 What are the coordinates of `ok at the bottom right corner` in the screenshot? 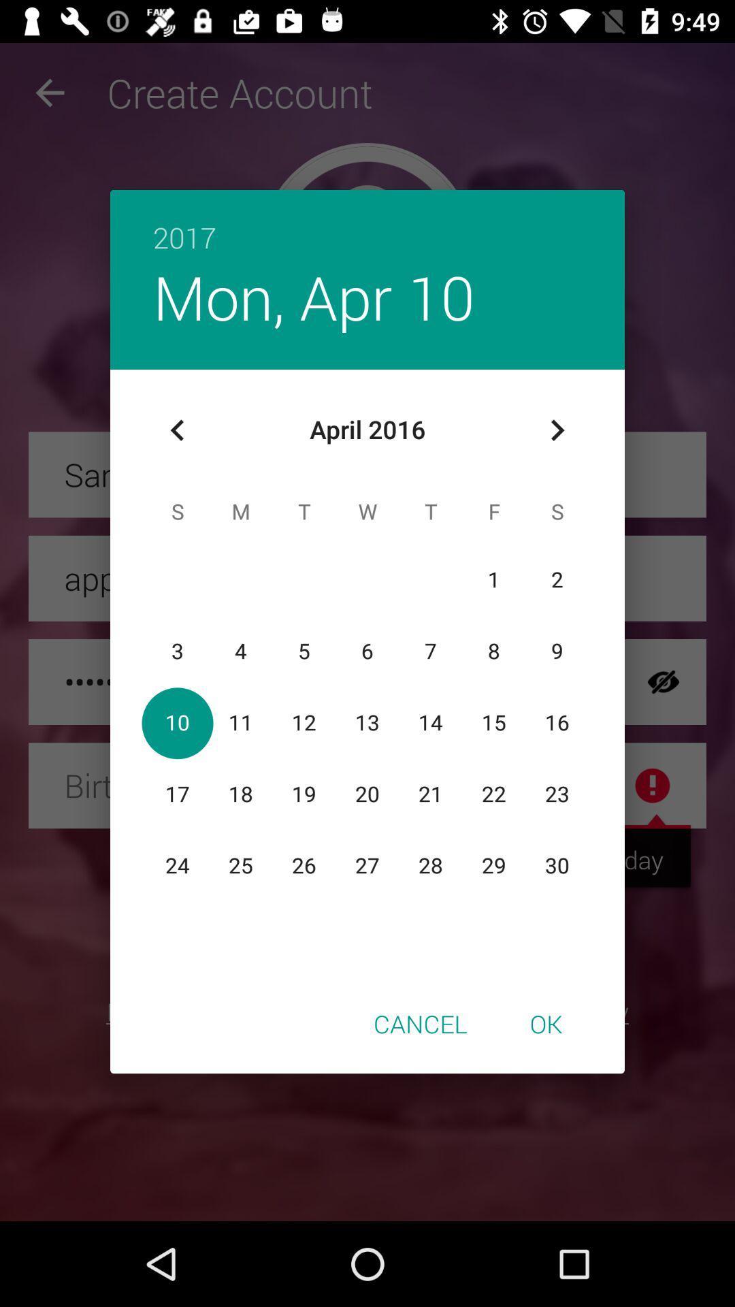 It's located at (545, 1023).